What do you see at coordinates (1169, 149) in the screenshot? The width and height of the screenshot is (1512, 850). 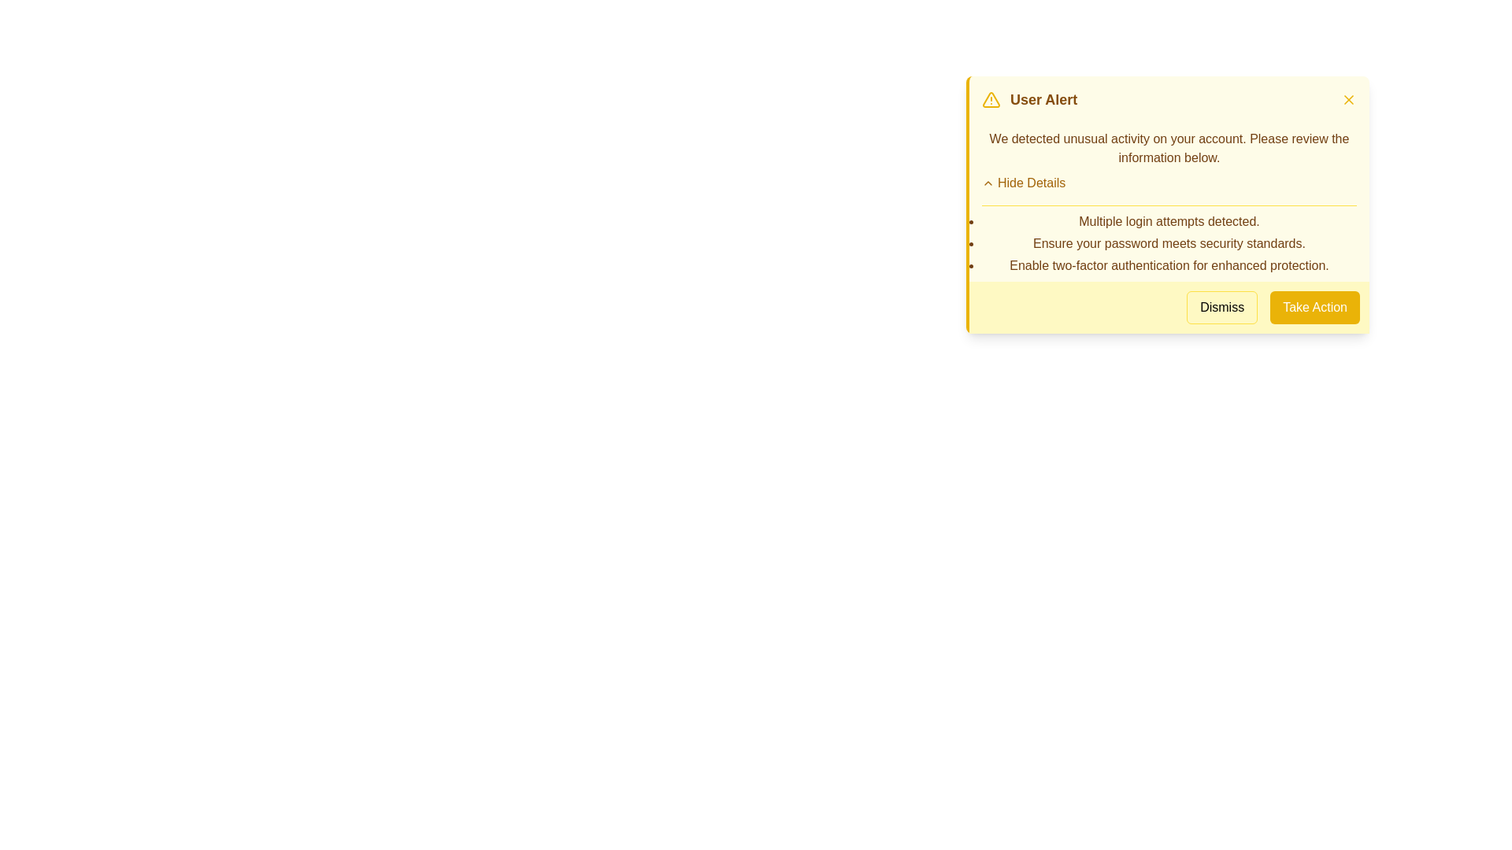 I see `the static text element that informs the user about unusual activity detected on their account, located in a yellow-paneled box below the 'User Alert' title` at bounding box center [1169, 149].